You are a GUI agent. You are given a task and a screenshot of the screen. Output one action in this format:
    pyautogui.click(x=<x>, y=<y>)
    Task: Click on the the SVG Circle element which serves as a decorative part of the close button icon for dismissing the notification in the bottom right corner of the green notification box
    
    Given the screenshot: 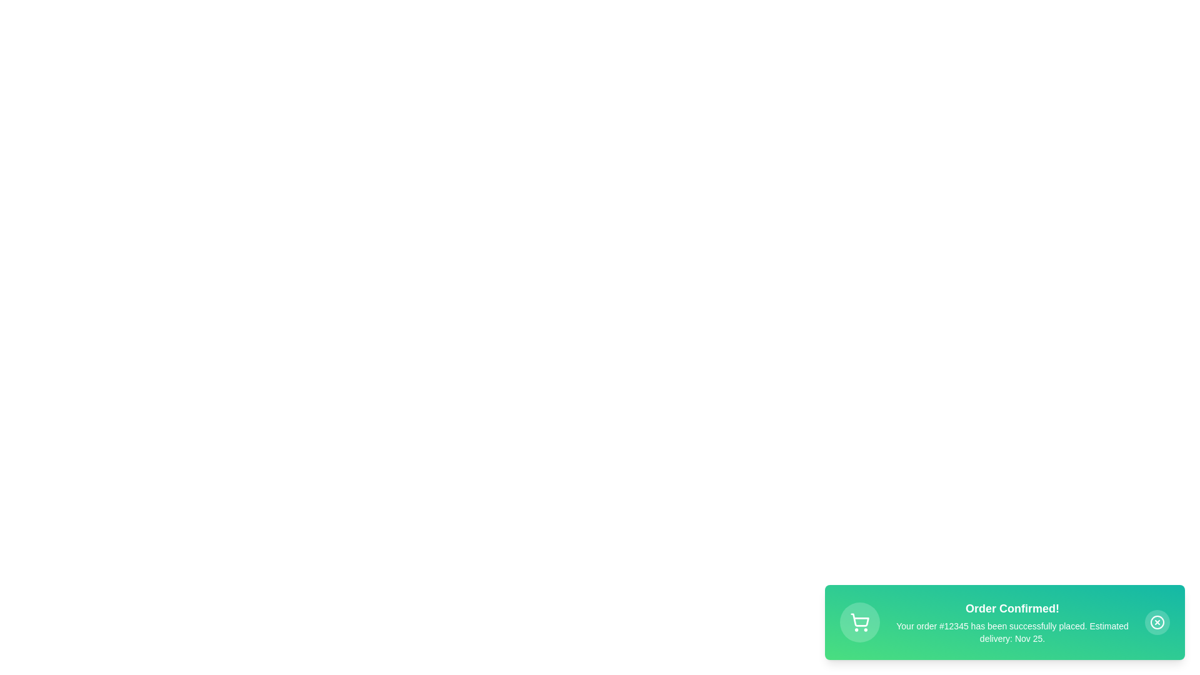 What is the action you would take?
    pyautogui.click(x=1157, y=622)
    